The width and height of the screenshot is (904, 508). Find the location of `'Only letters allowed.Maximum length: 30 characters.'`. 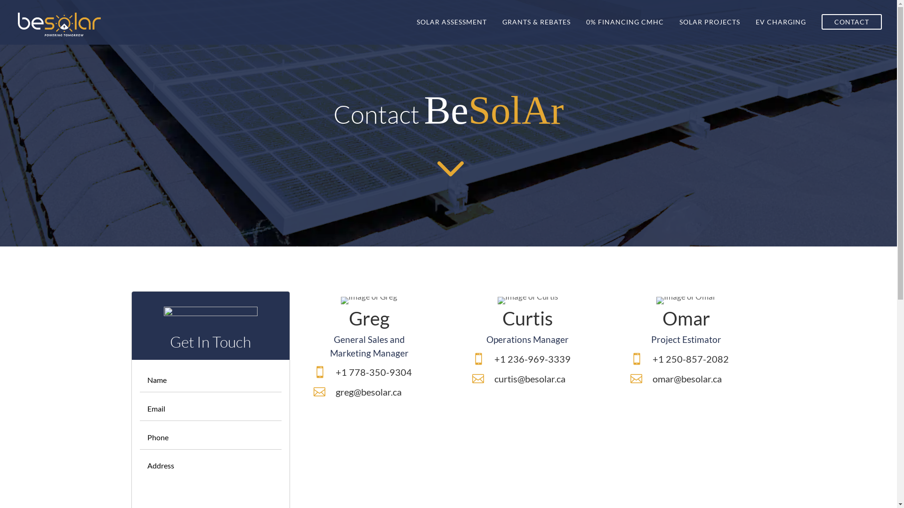

'Only letters allowed.Maximum length: 30 characters.' is located at coordinates (210, 379).